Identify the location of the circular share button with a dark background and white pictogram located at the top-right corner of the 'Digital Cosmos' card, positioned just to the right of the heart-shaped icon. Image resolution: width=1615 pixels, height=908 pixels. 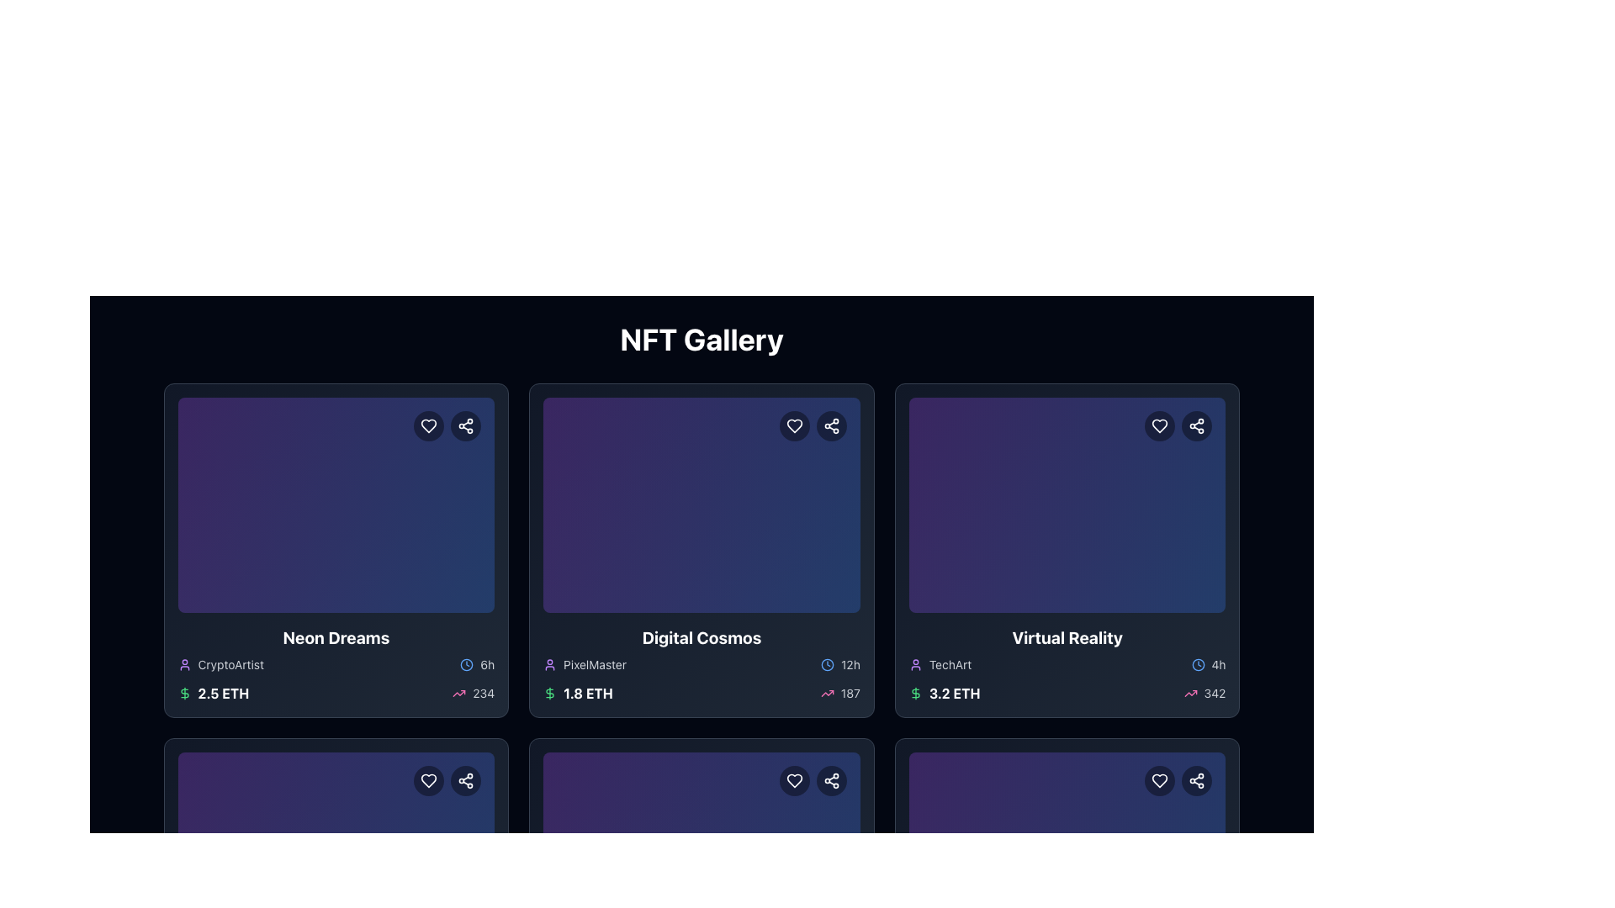
(831, 425).